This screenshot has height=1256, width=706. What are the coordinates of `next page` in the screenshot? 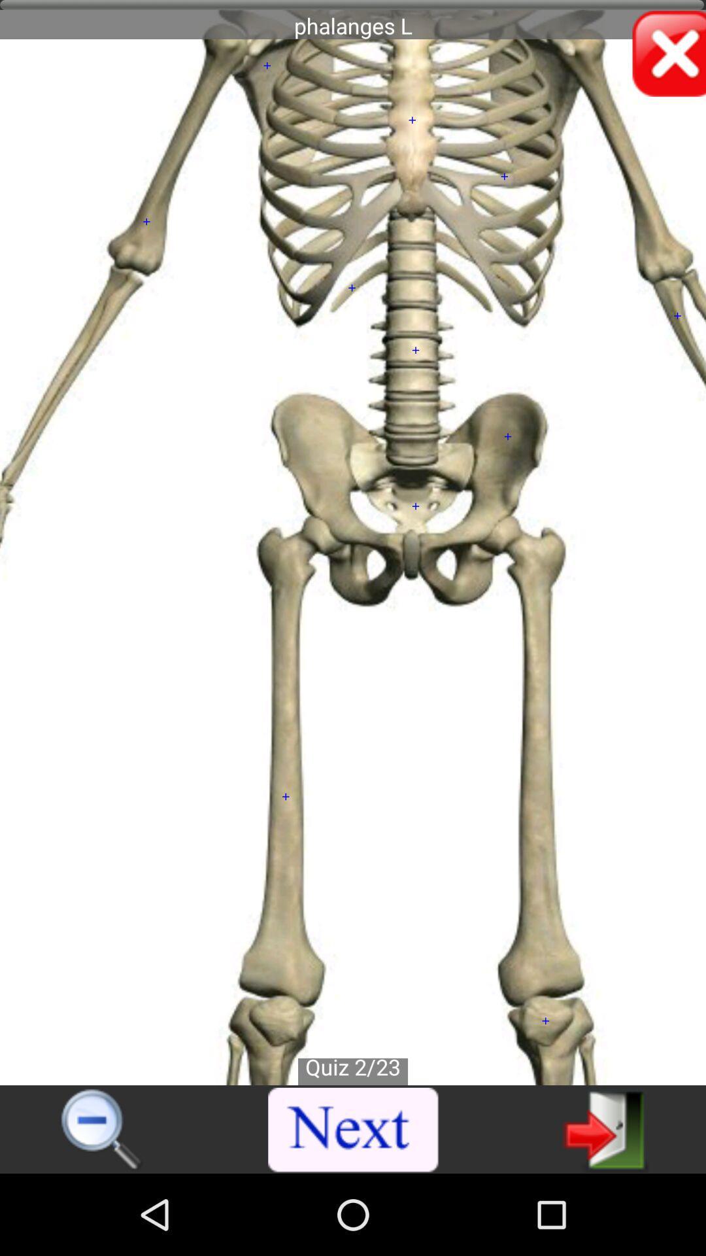 It's located at (605, 1128).